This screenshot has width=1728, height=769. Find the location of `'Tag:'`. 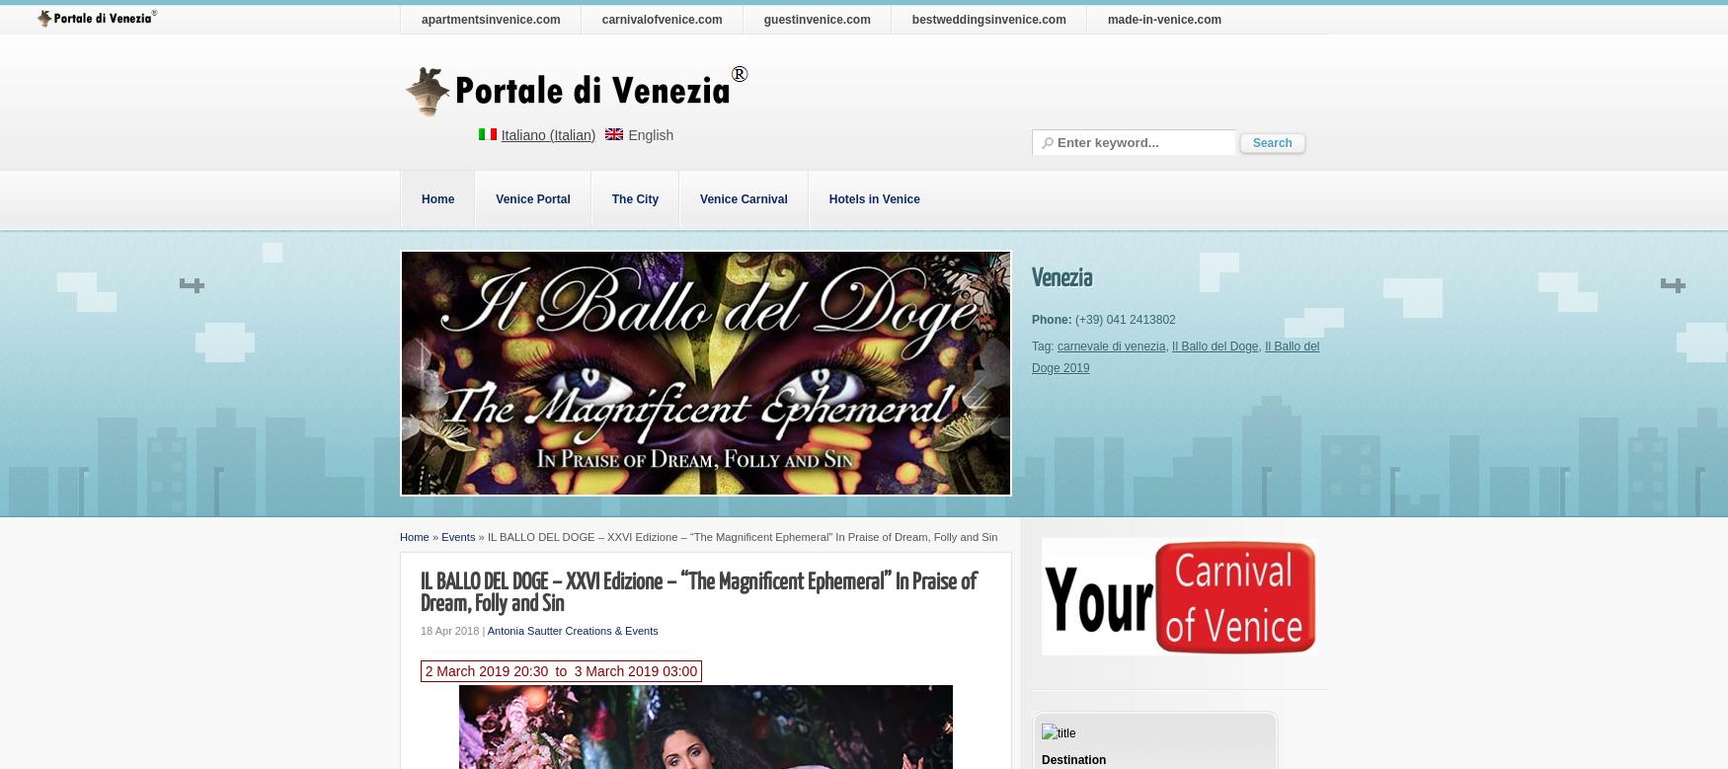

'Tag:' is located at coordinates (1044, 346).